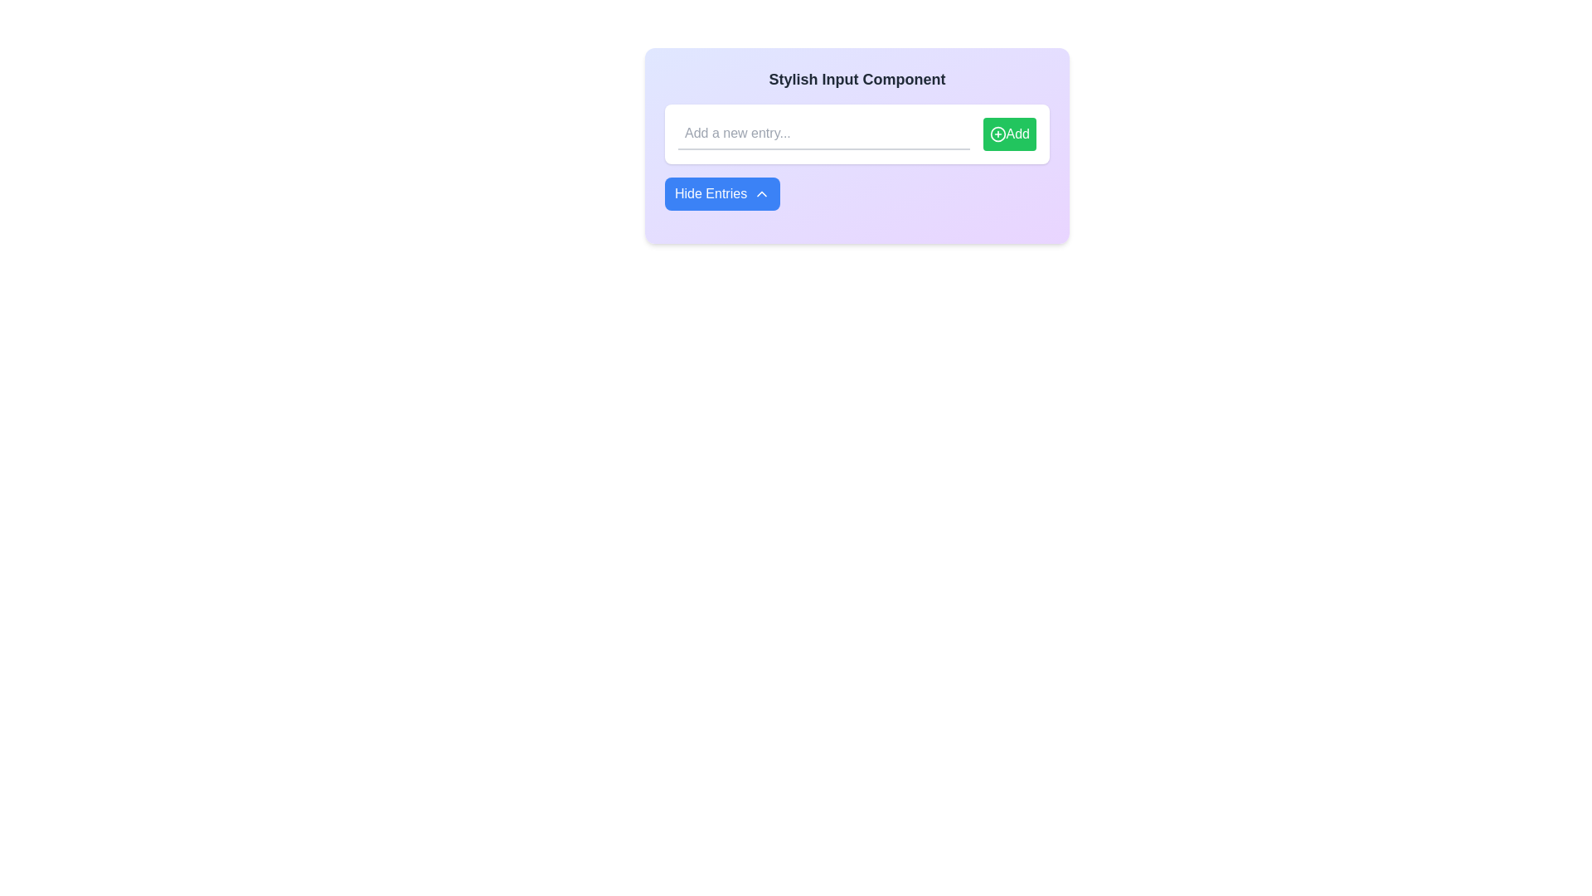 The image size is (1592, 896). I want to click on the chevron-shaped icon pointing upwards located inside the 'Hide Entries' button to trigger the tooltip or hover effect, so click(761, 193).